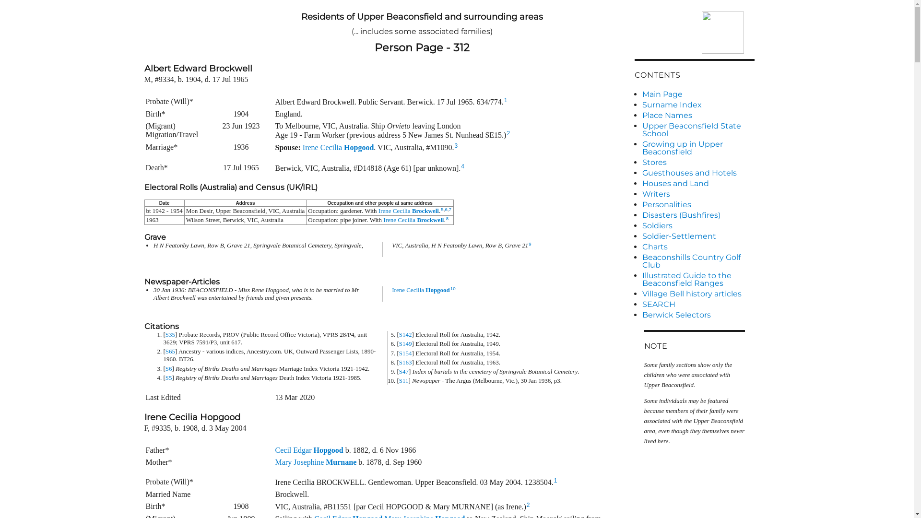 The height and width of the screenshot is (518, 921). Describe the element at coordinates (316, 461) in the screenshot. I see `'Mary Josephine Murnane'` at that location.